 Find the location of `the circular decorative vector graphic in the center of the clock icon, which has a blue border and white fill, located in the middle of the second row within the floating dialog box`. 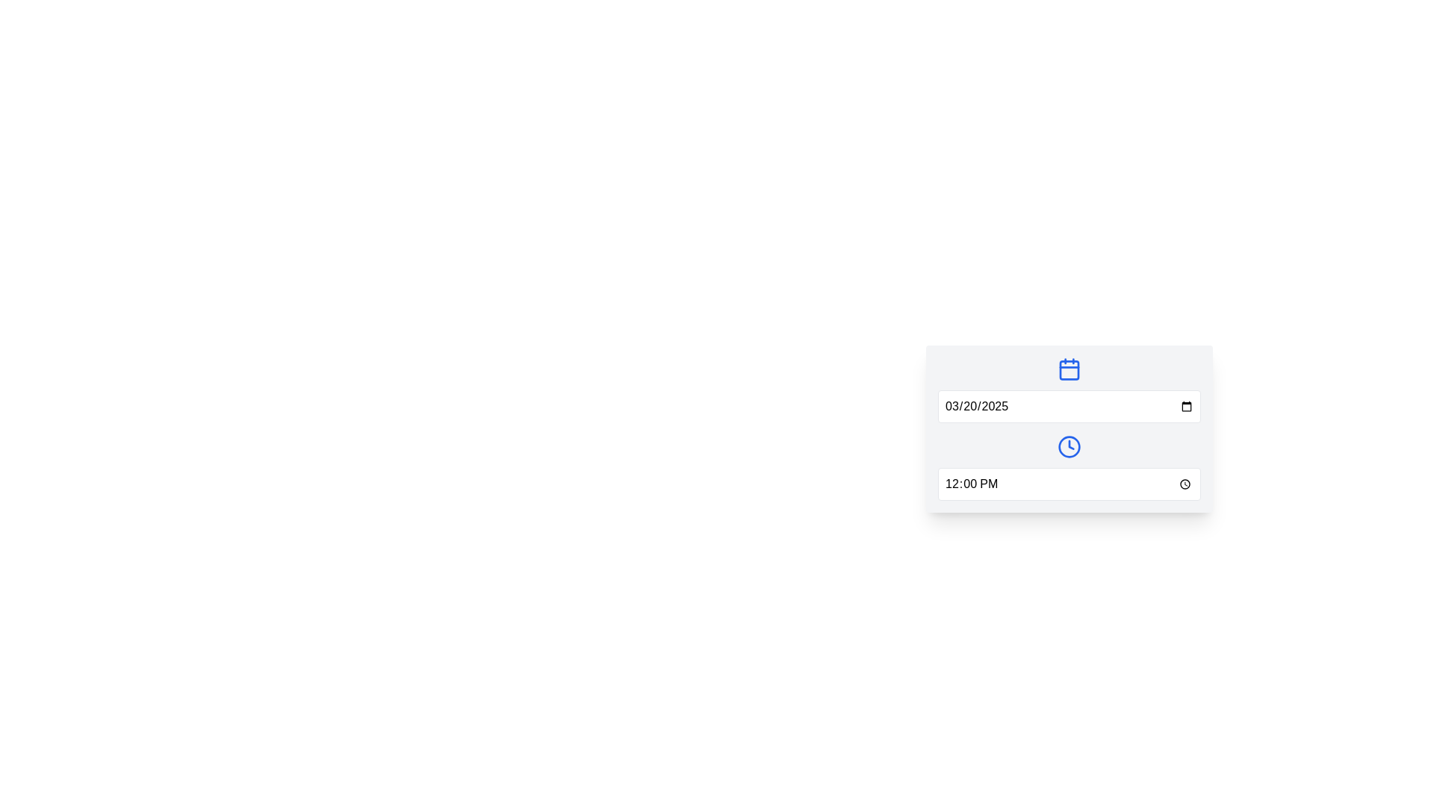

the circular decorative vector graphic in the center of the clock icon, which has a blue border and white fill, located in the middle of the second row within the floating dialog box is located at coordinates (1068, 446).